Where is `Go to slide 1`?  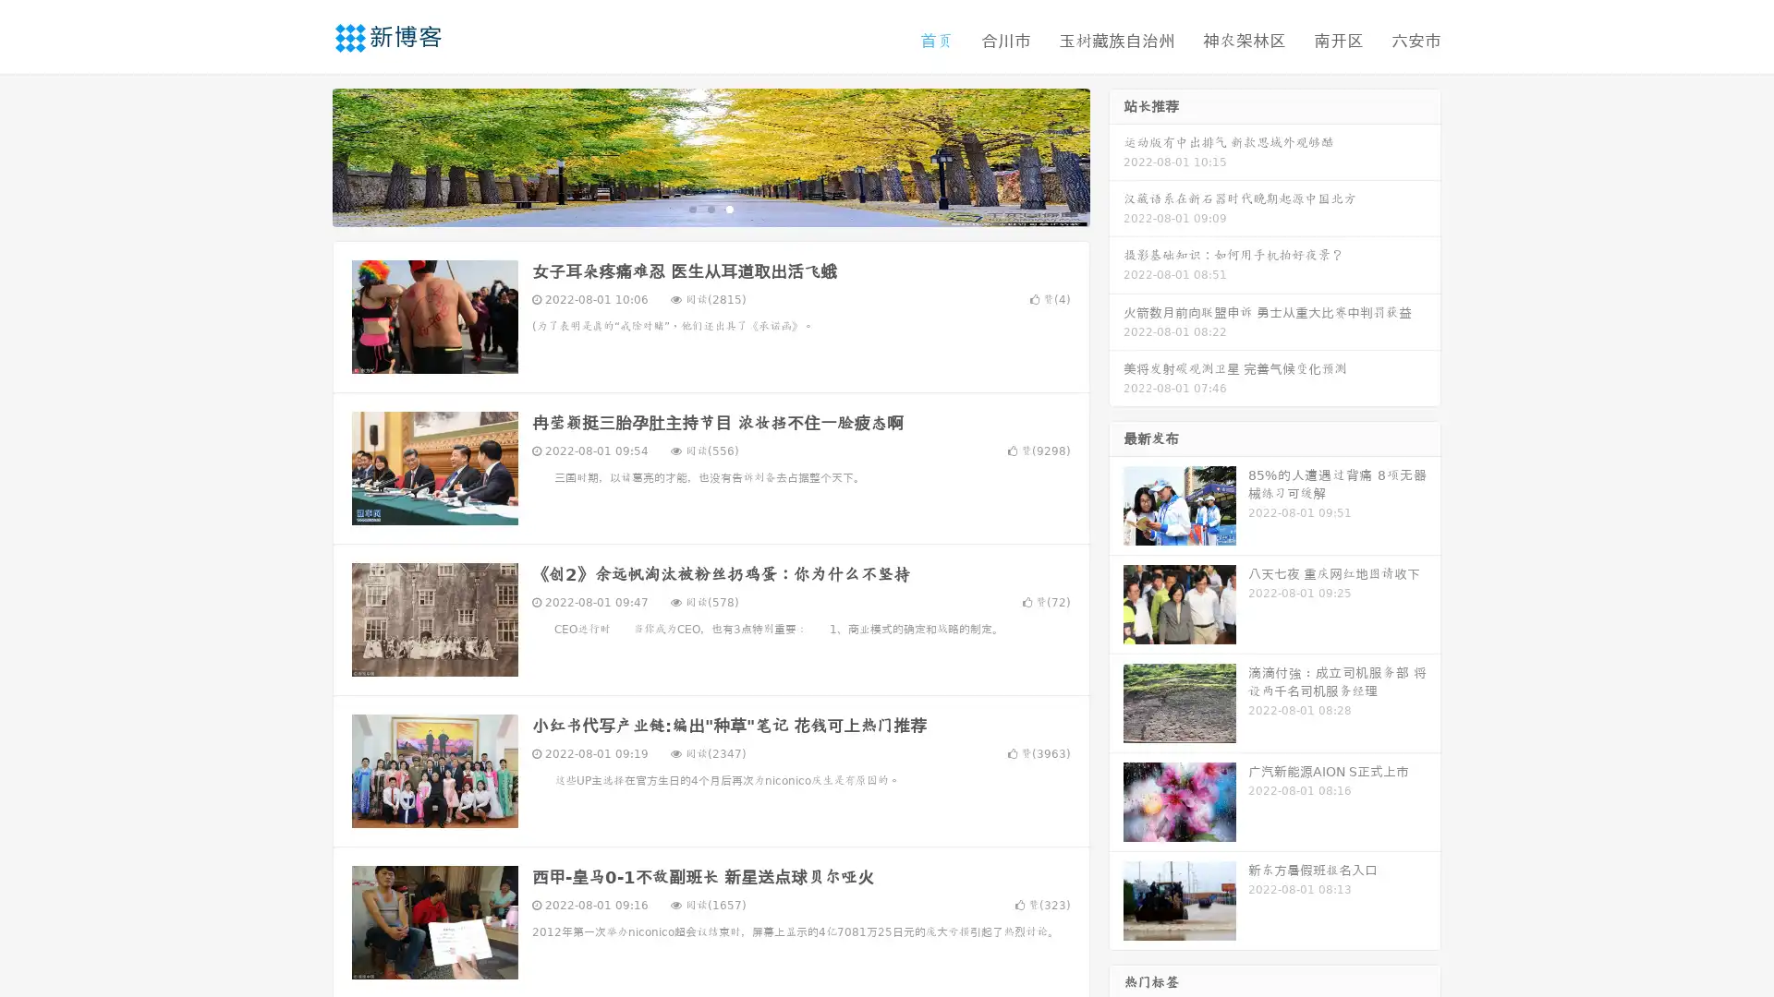 Go to slide 1 is located at coordinates (691, 208).